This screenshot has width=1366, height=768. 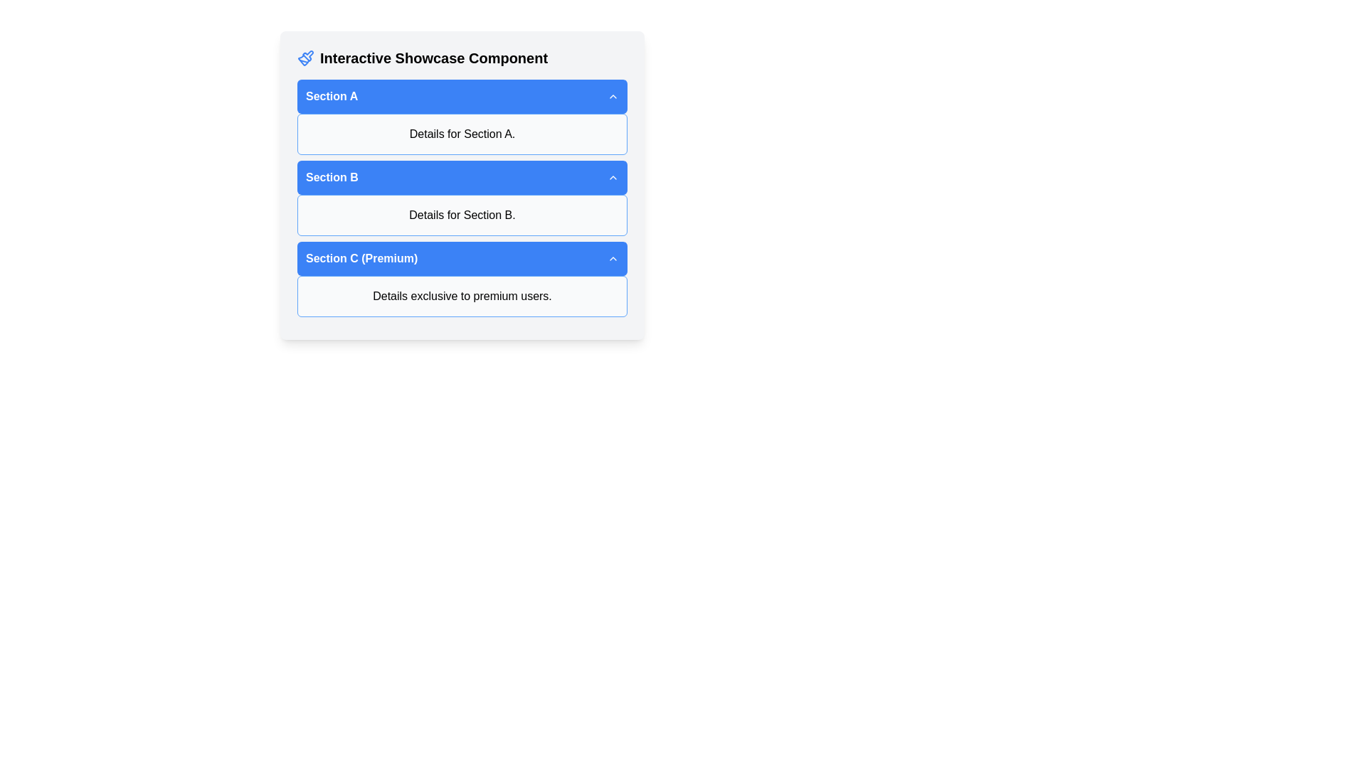 I want to click on the chevron icon in the header of 'Section C (Premium)' accordion, so click(x=613, y=258).